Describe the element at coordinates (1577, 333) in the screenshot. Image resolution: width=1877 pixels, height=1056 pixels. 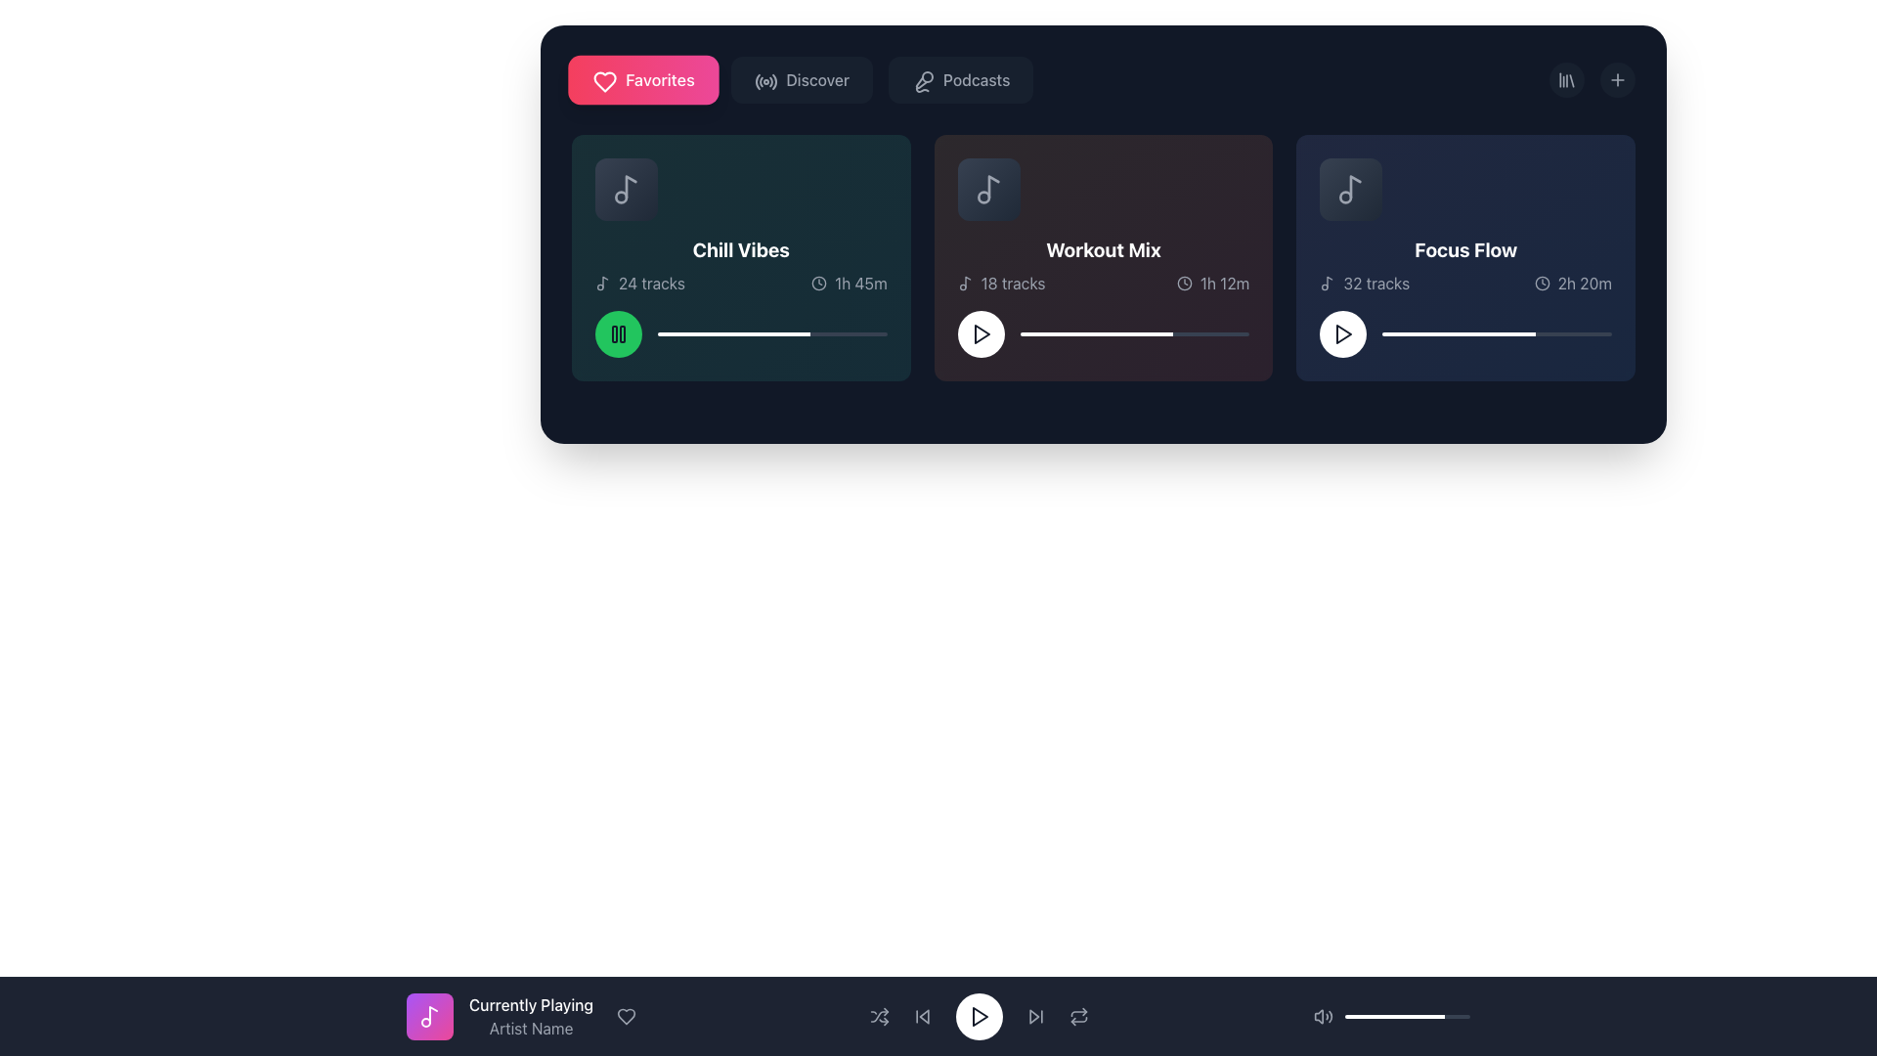
I see `the slider position` at that location.